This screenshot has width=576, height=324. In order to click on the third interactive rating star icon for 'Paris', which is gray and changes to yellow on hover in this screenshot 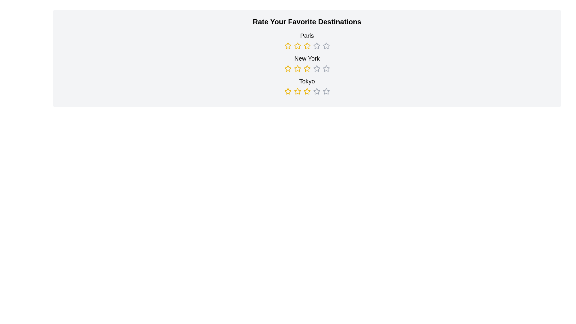, I will do `click(316, 45)`.